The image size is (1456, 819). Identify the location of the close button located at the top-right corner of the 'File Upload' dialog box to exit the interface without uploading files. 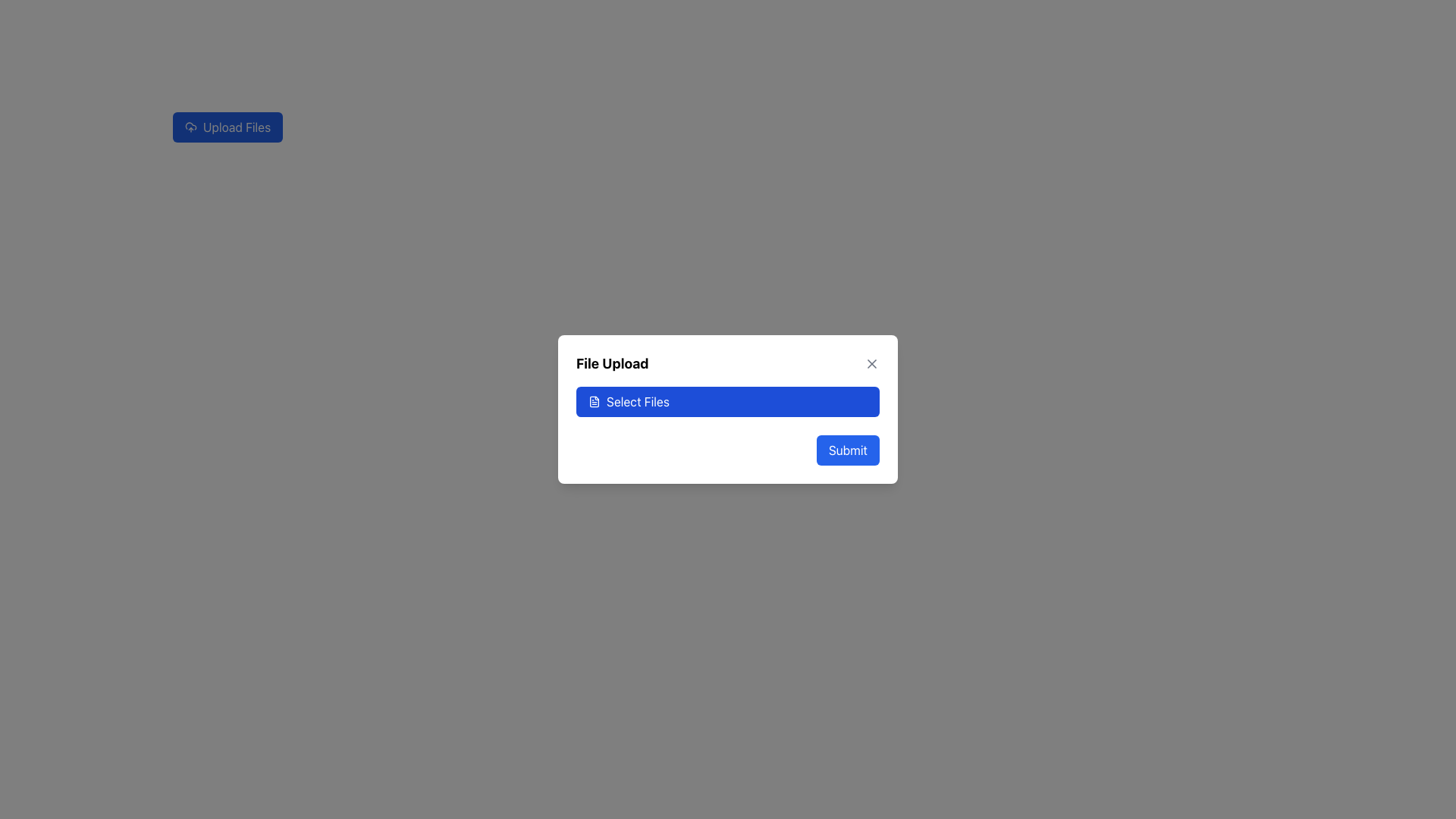
(872, 363).